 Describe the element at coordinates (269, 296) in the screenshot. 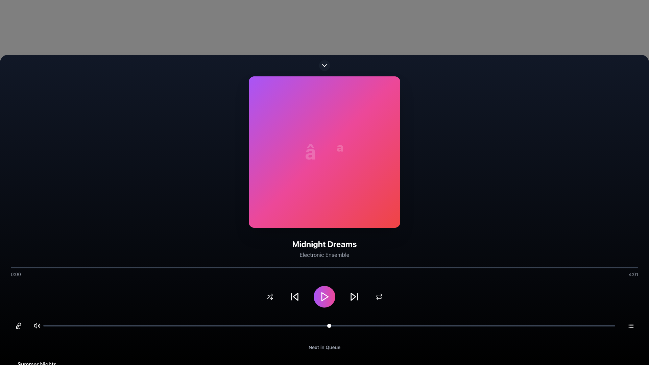

I see `the shuffle icon button, which resembles two interweaving arrows pointing in opposite directions` at that location.